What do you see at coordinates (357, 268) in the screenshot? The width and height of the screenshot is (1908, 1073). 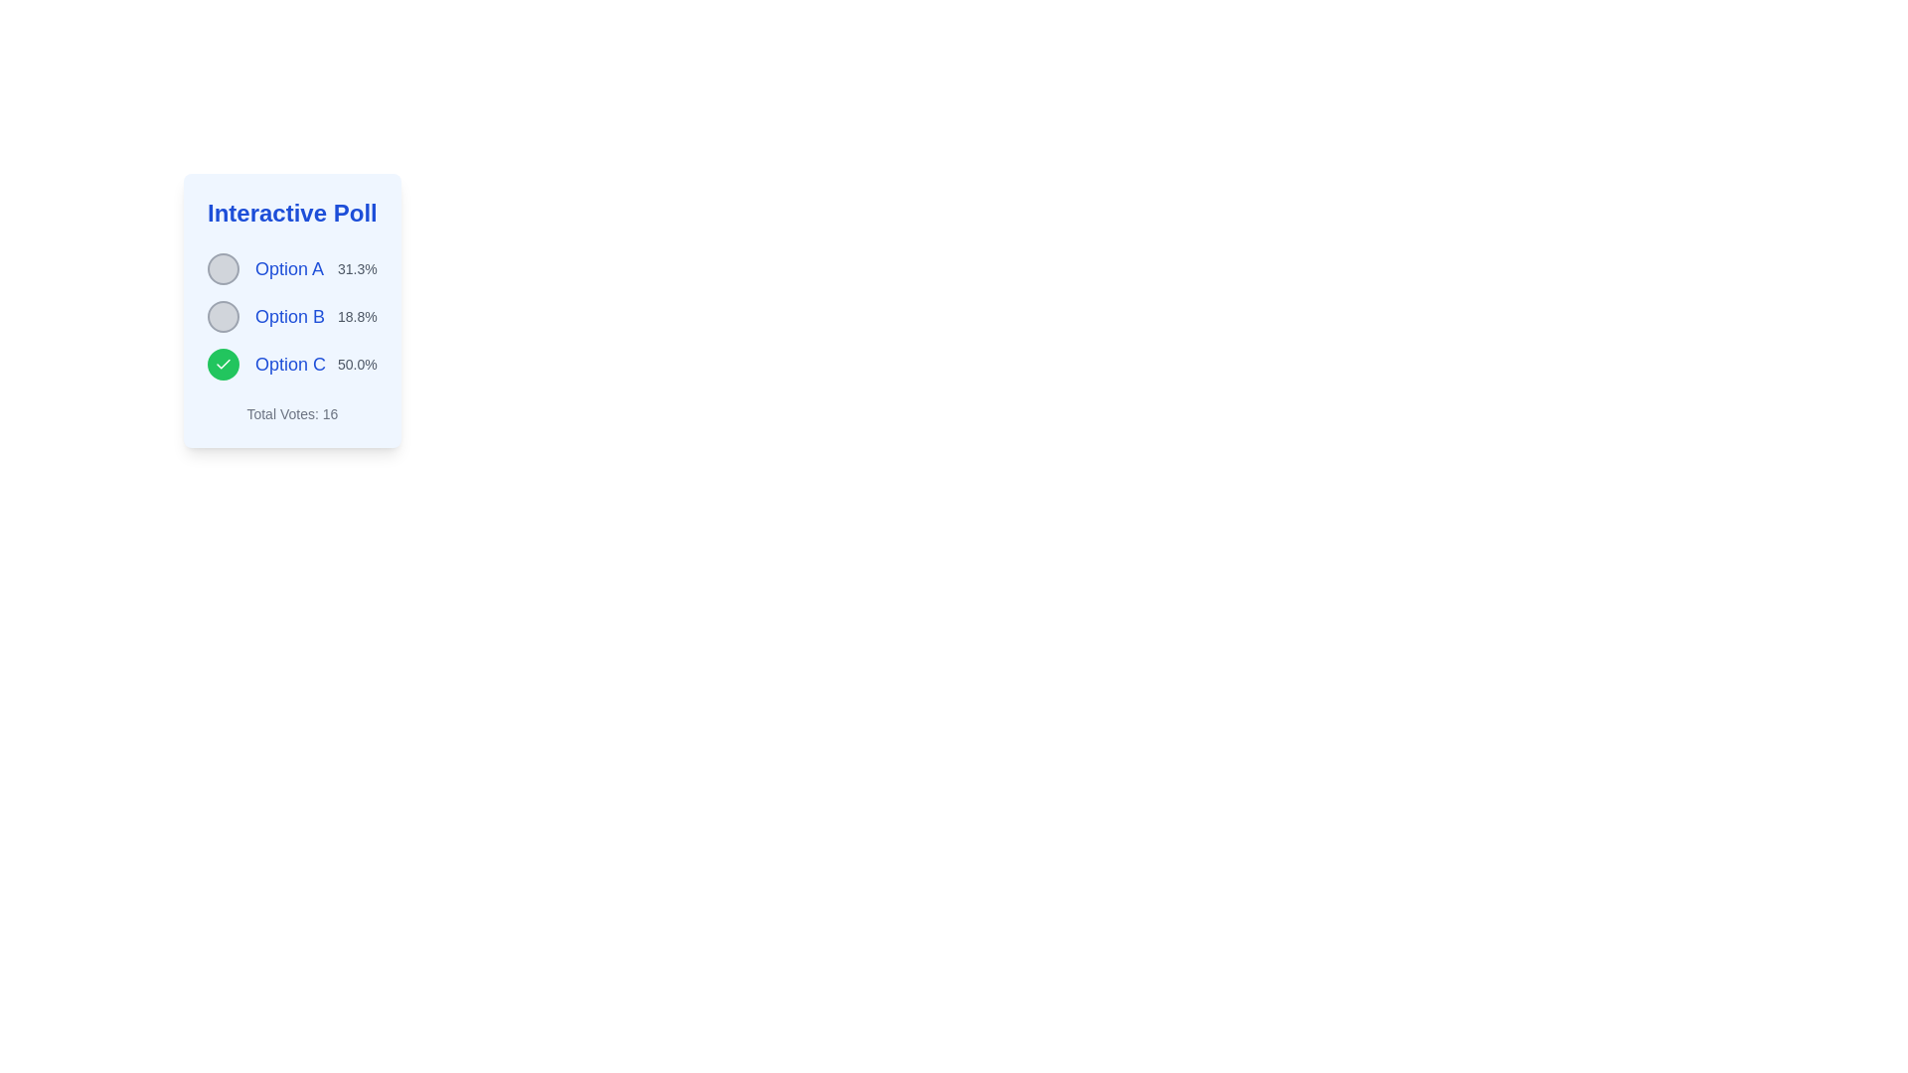 I see `the Text Display showing '31.3%' next to 'Option A' in the voting interface` at bounding box center [357, 268].